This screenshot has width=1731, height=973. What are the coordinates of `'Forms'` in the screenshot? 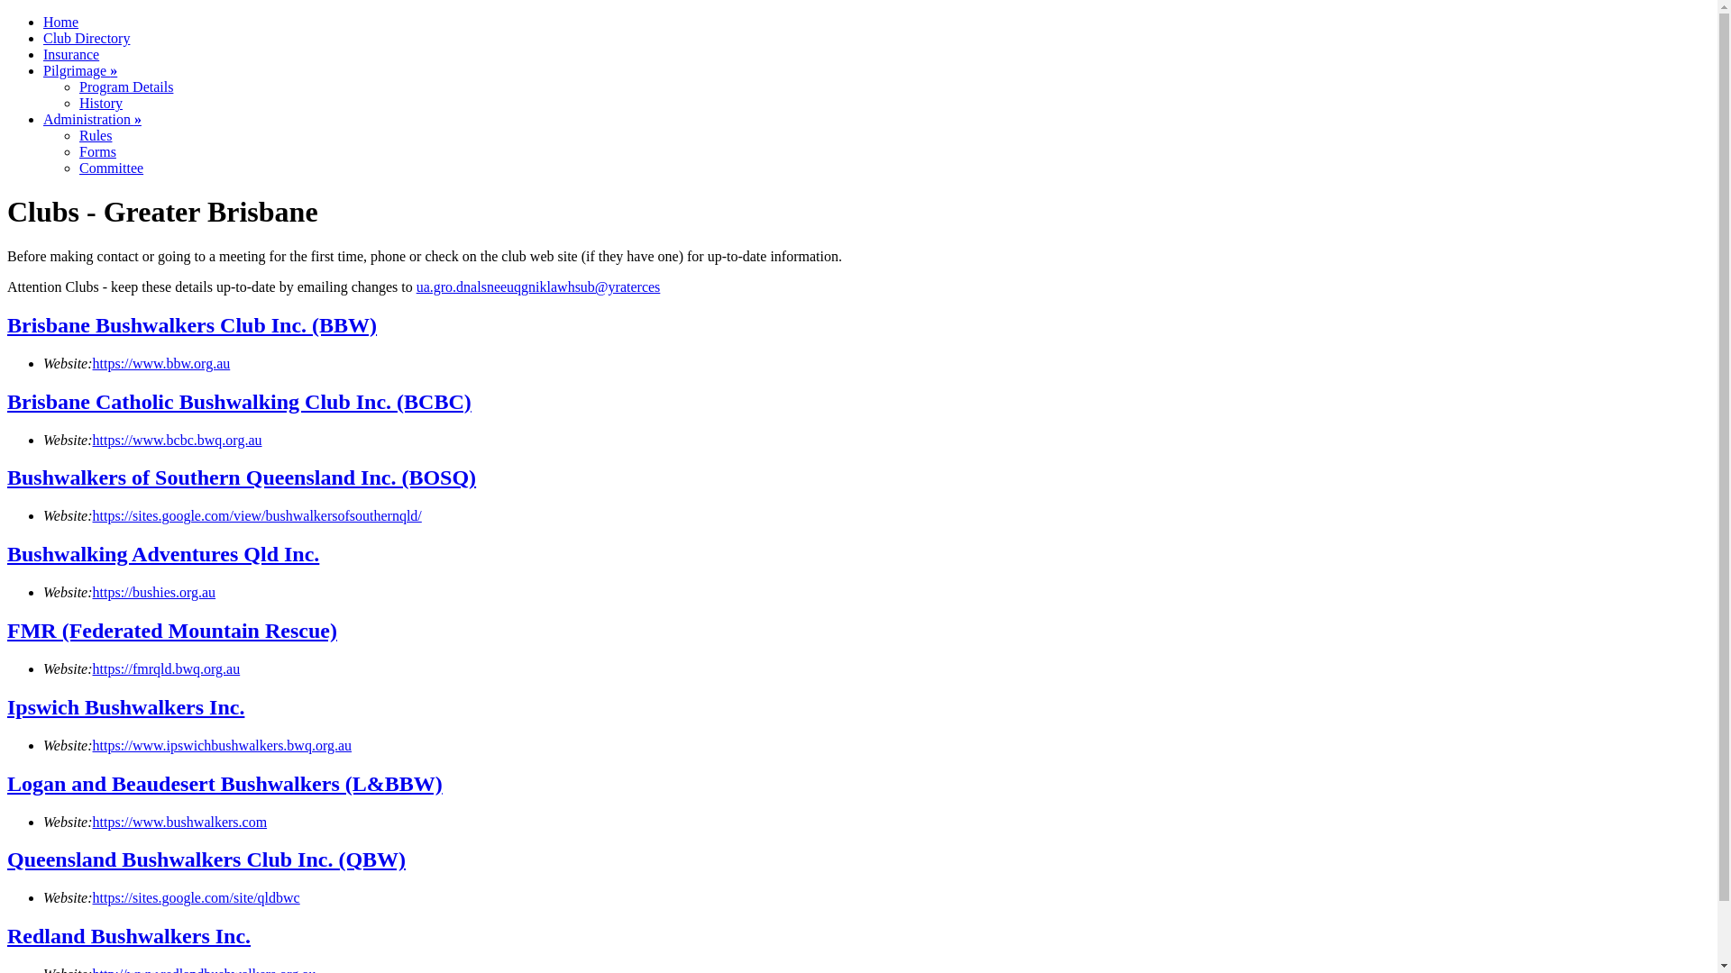 It's located at (96, 150).